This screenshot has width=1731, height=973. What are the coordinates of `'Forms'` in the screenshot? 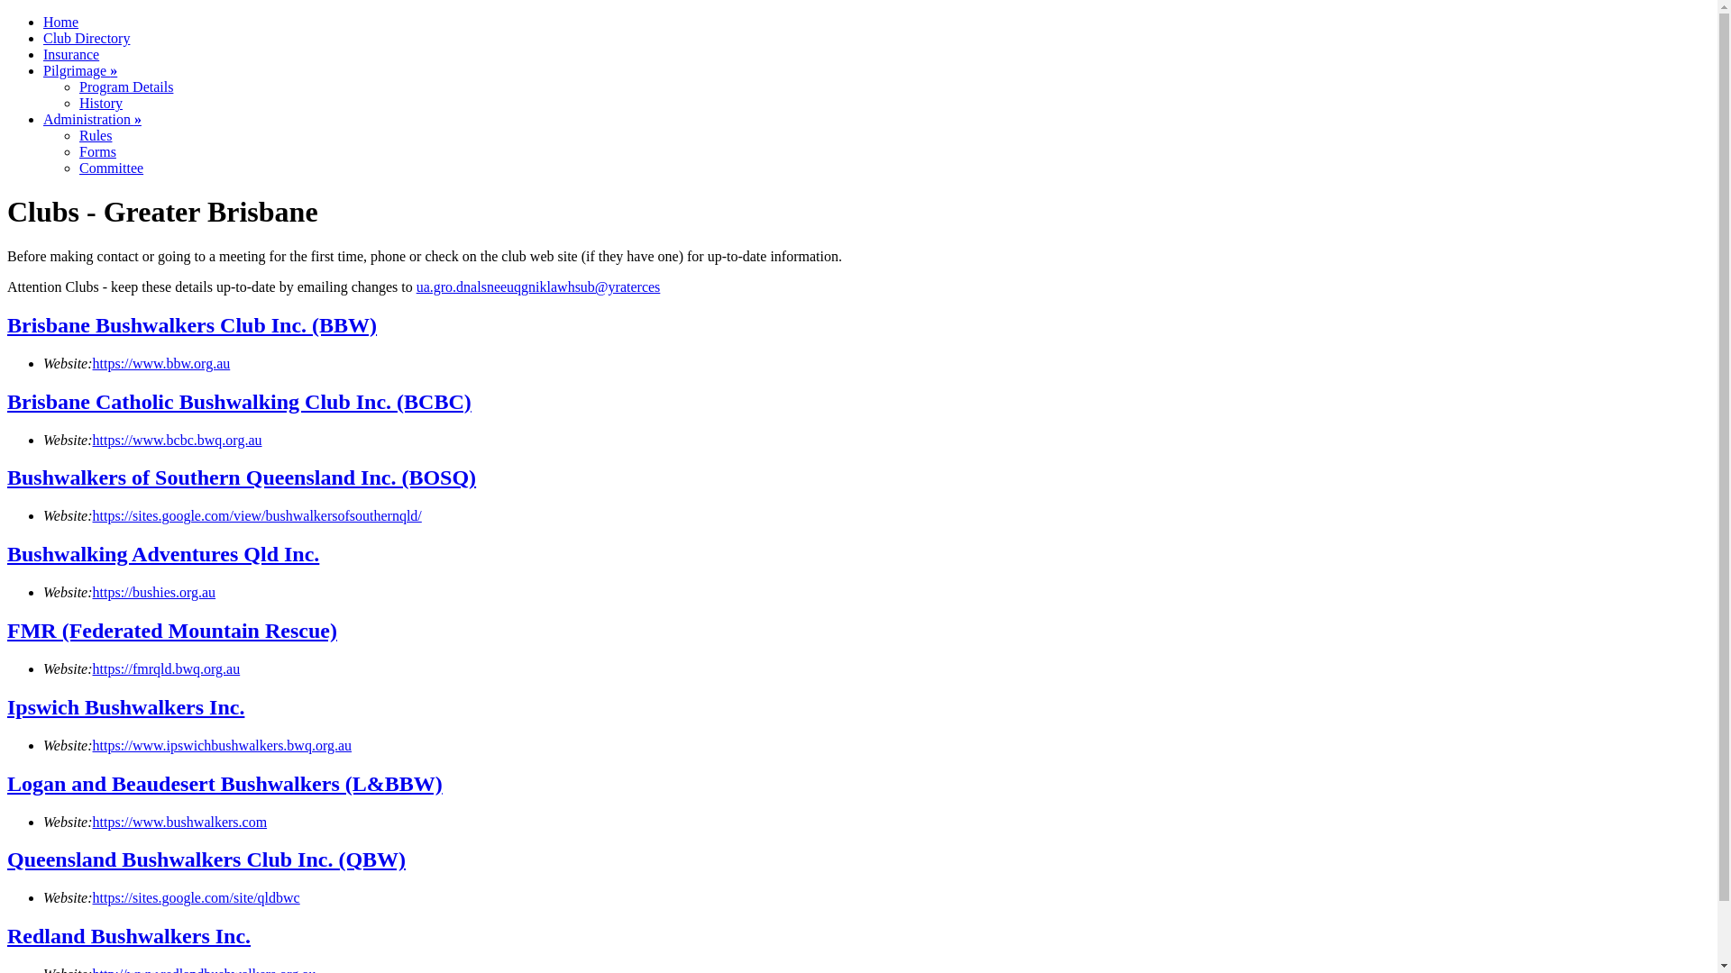 It's located at (96, 150).